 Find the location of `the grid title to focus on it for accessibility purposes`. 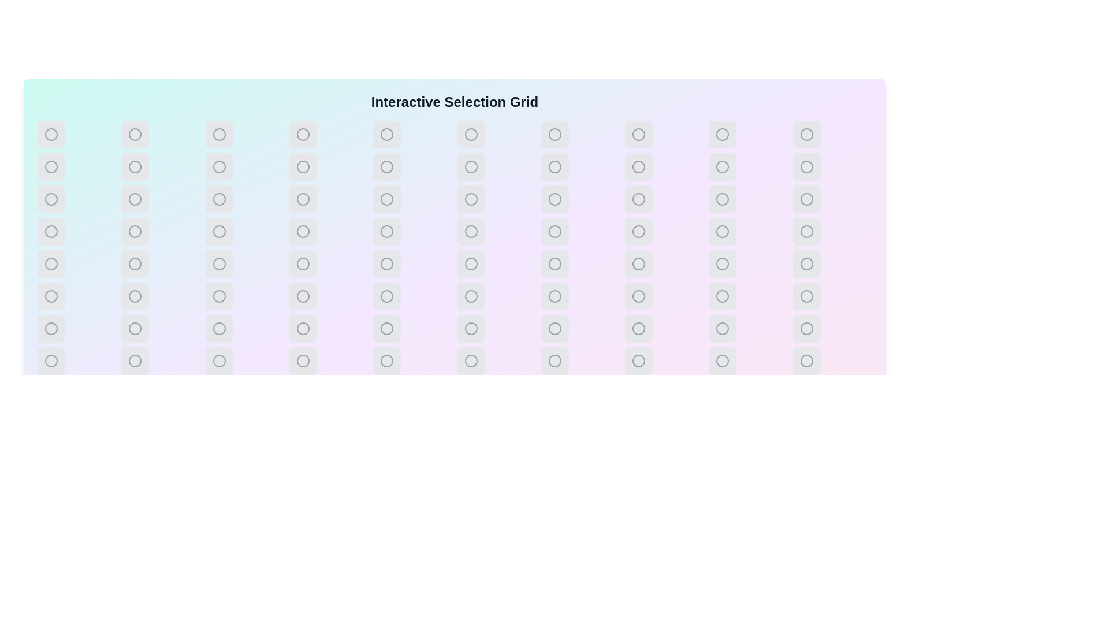

the grid title to focus on it for accessibility purposes is located at coordinates (443, 102).